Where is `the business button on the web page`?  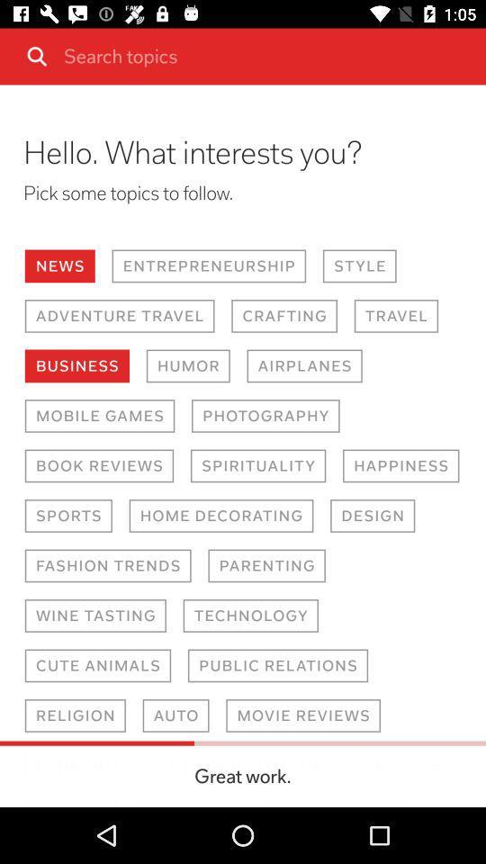 the business button on the web page is located at coordinates (76, 365).